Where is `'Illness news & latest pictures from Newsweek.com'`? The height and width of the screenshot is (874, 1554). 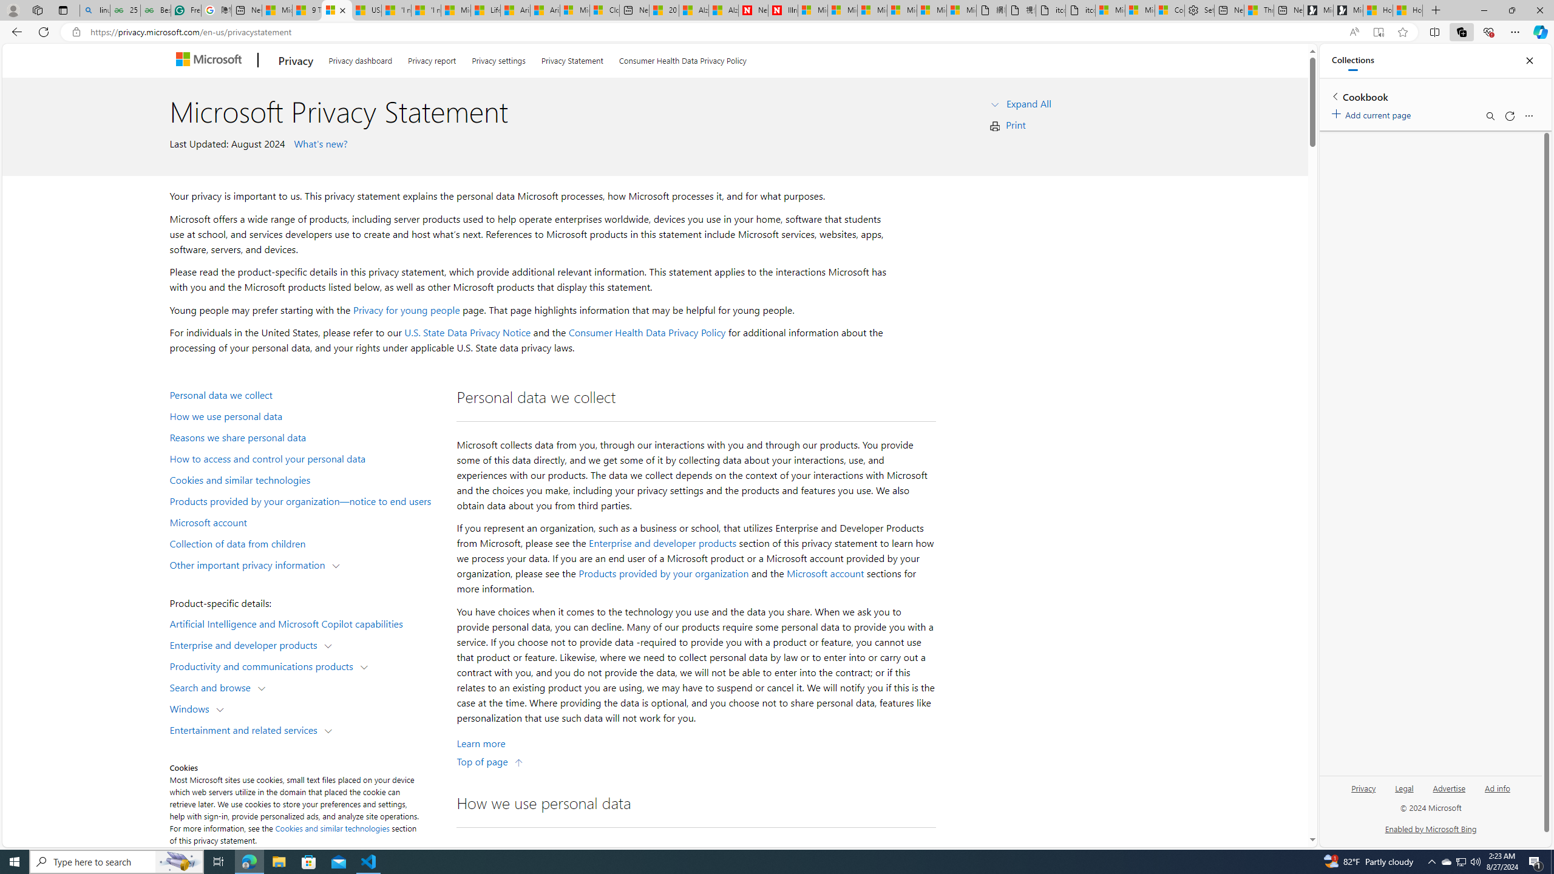 'Illness news & latest pictures from Newsweek.com' is located at coordinates (782, 10).